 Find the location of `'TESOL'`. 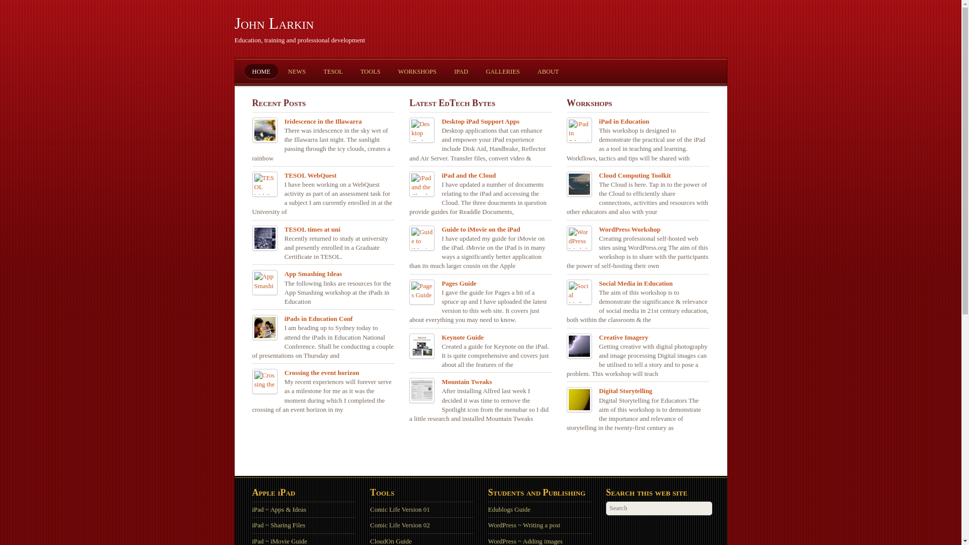

'TESOL' is located at coordinates (315, 71).